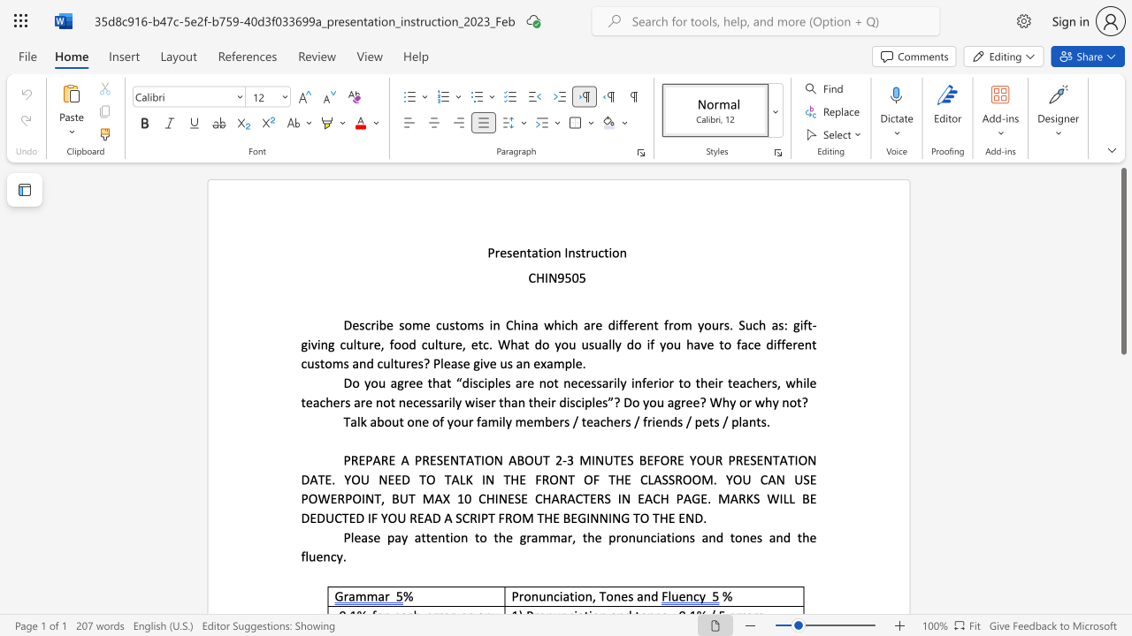 The height and width of the screenshot is (636, 1132). What do you see at coordinates (514, 596) in the screenshot?
I see `the 1th character "P" in the text` at bounding box center [514, 596].